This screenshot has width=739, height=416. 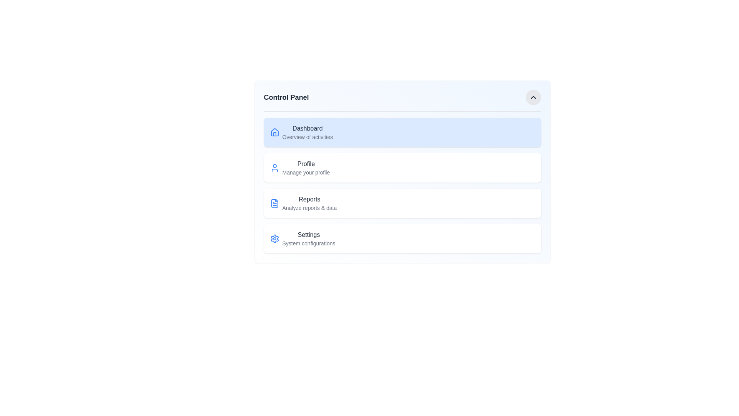 I want to click on the circular blue gear icon that represents settings, located at the top-left area of the 'Settings' card, so click(x=274, y=238).